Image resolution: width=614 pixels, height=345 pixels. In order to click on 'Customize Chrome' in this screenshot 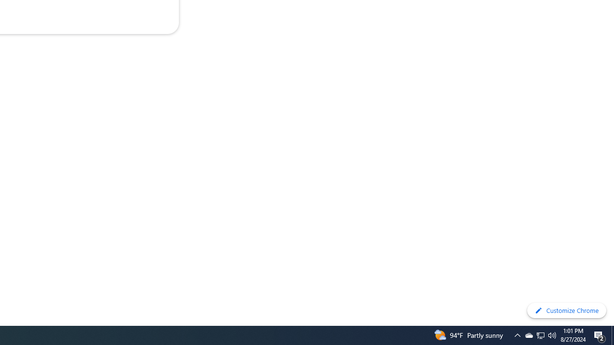, I will do `click(567, 310)`.